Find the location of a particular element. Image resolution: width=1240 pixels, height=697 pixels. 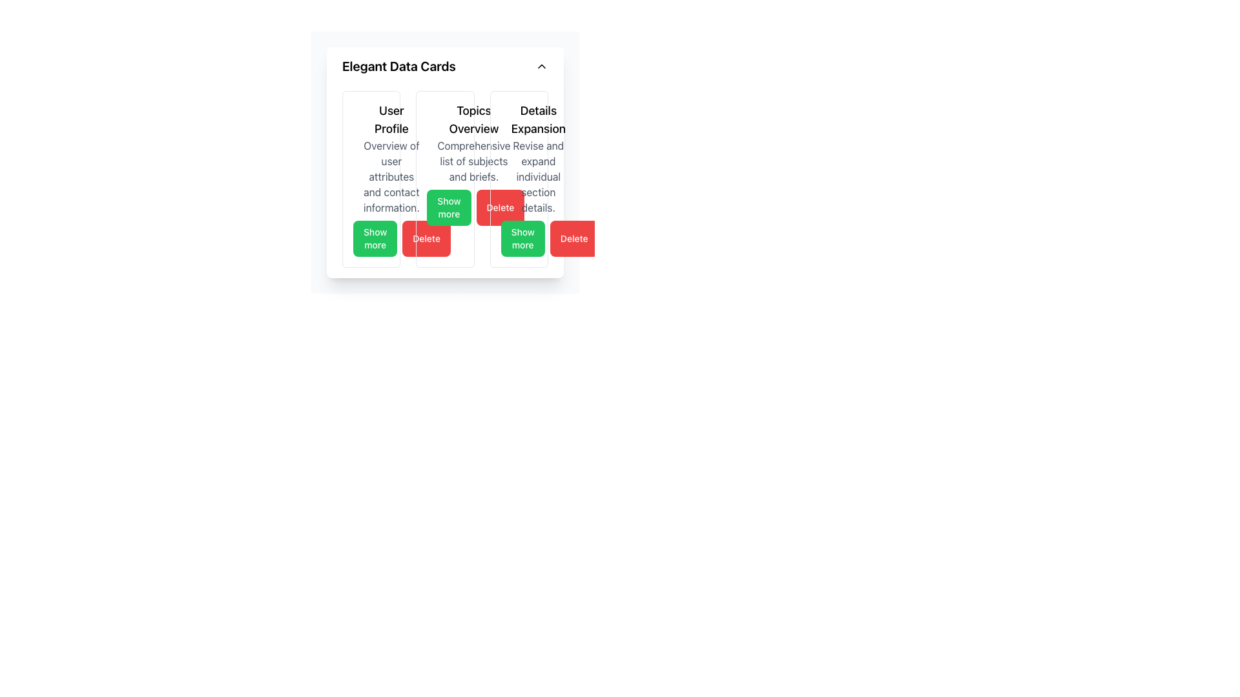

the descriptive text block reading 'Comprehensive list of subjects and briefs.' located below the heading 'Topics Overview' in the middle card of a three-card layout is located at coordinates (473, 161).